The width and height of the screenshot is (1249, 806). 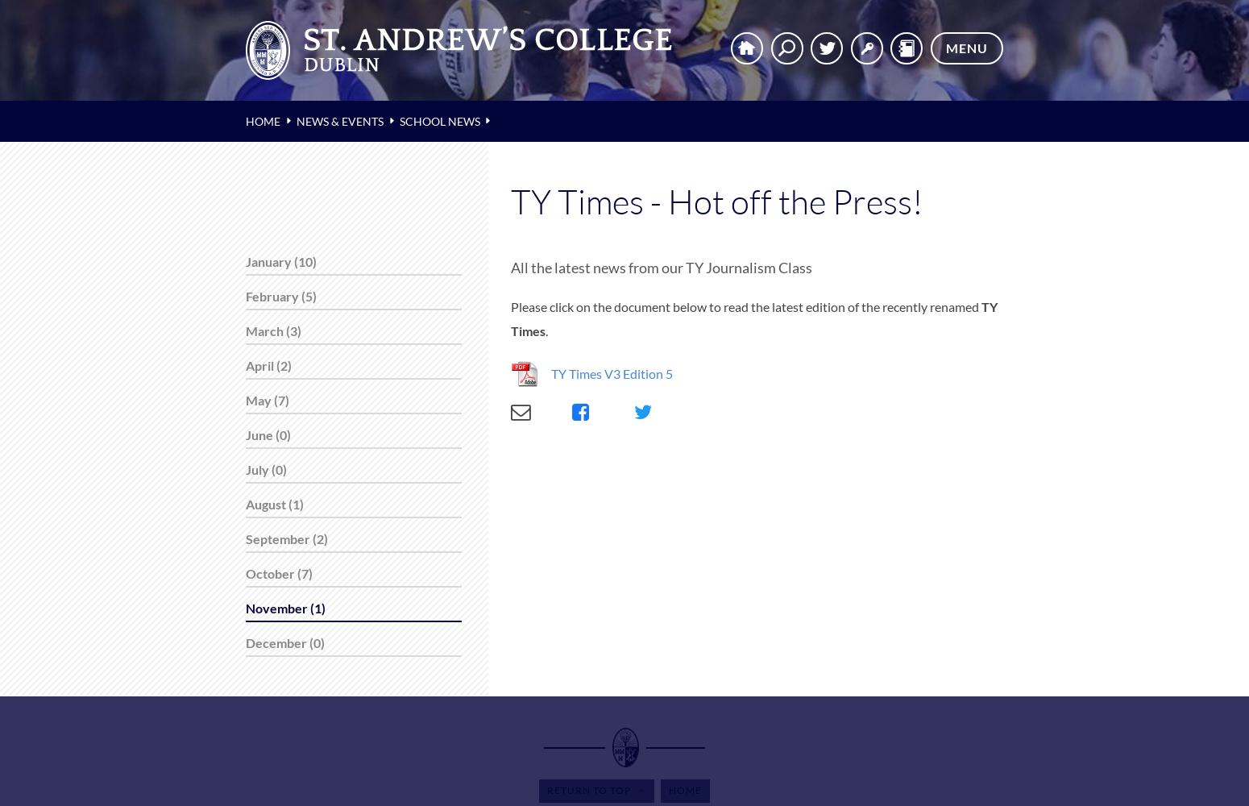 What do you see at coordinates (31, 135) in the screenshot?
I see `'Gallery'` at bounding box center [31, 135].